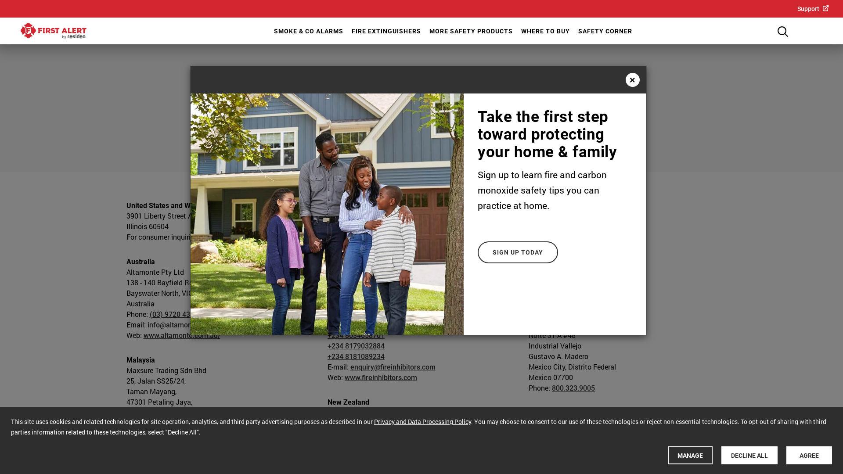  Describe the element at coordinates (749, 455) in the screenshot. I see `'DECLINE ALL'` at that location.